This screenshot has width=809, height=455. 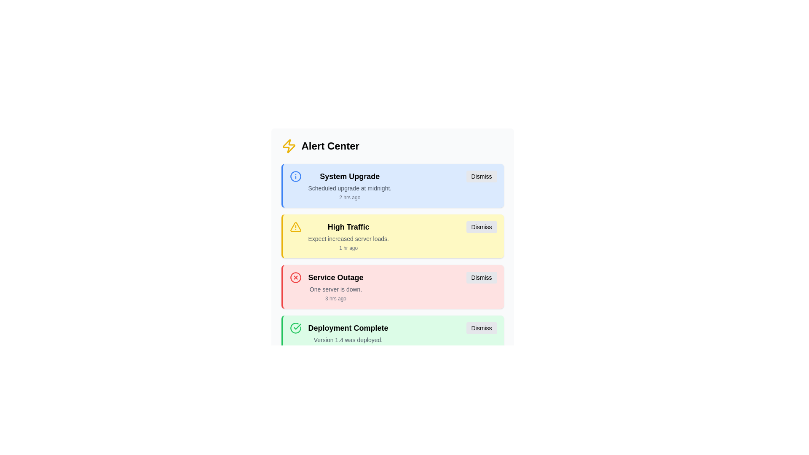 What do you see at coordinates (295, 227) in the screenshot?
I see `the alert details associated with the downward-pointing triangular icon with a yellow border located in the 'High Traffic' notification under the 'Alert Center' header` at bounding box center [295, 227].